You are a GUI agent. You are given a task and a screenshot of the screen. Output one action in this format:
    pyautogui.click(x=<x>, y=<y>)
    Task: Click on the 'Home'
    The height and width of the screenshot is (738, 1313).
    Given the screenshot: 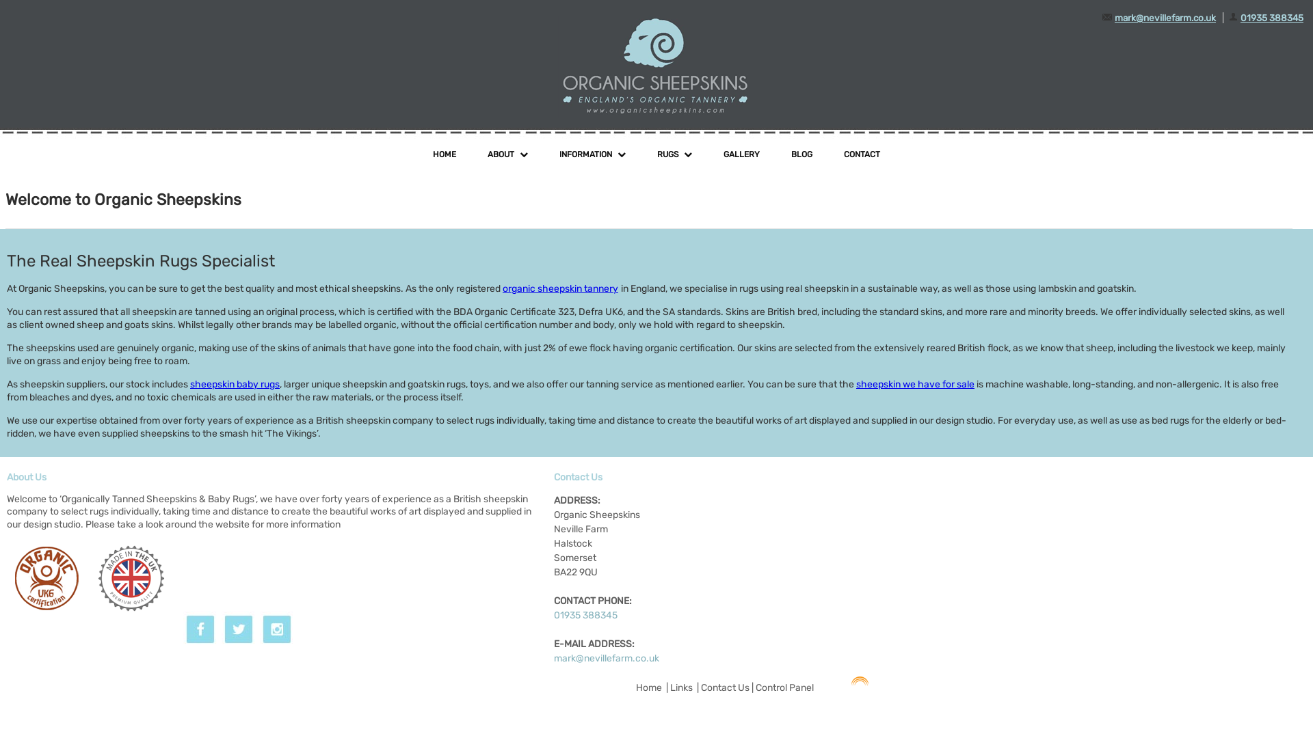 What is the action you would take?
    pyautogui.click(x=648, y=687)
    